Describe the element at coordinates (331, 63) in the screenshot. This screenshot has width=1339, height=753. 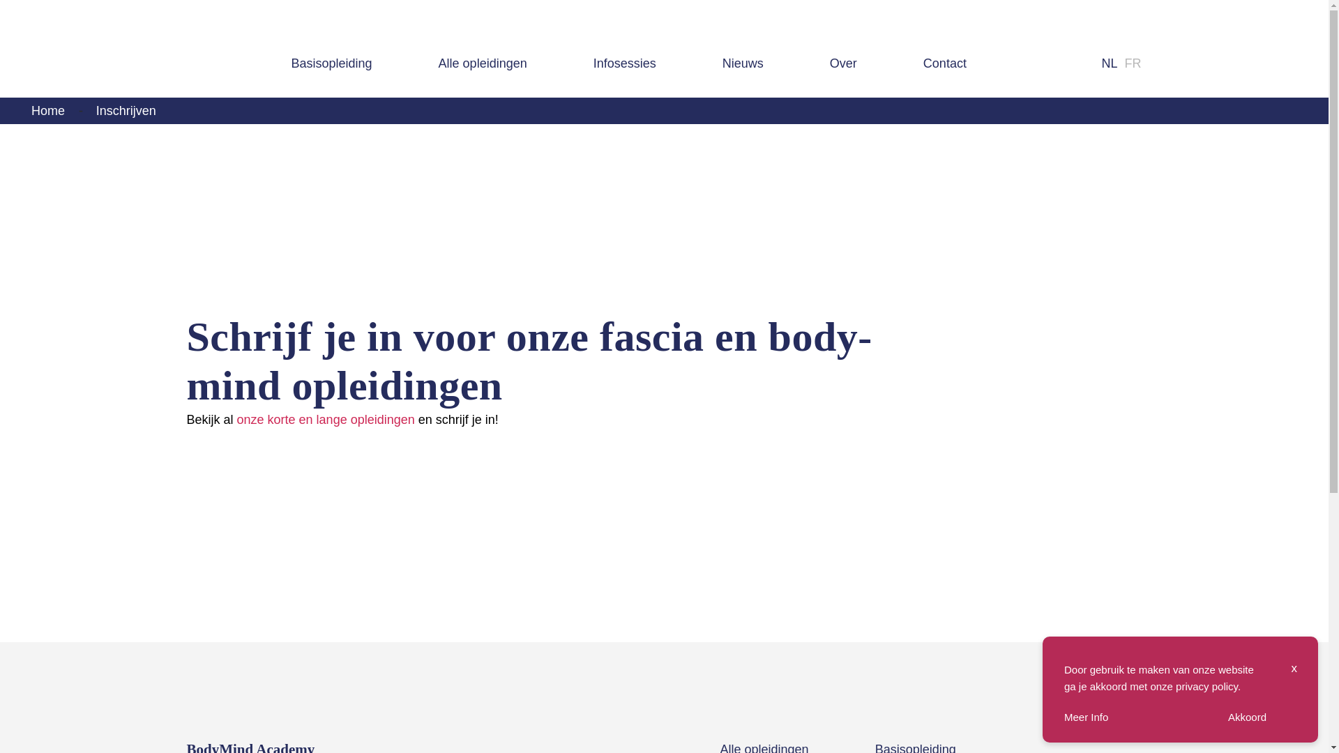
I see `'Basisopleiding'` at that location.